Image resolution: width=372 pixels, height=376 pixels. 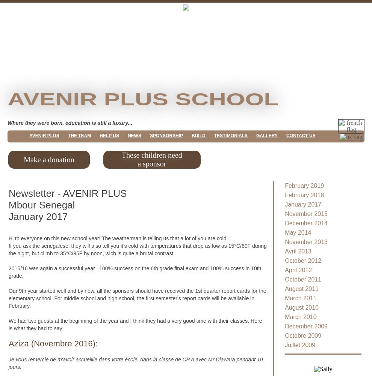 I want to click on 'November 2015', so click(x=305, y=213).